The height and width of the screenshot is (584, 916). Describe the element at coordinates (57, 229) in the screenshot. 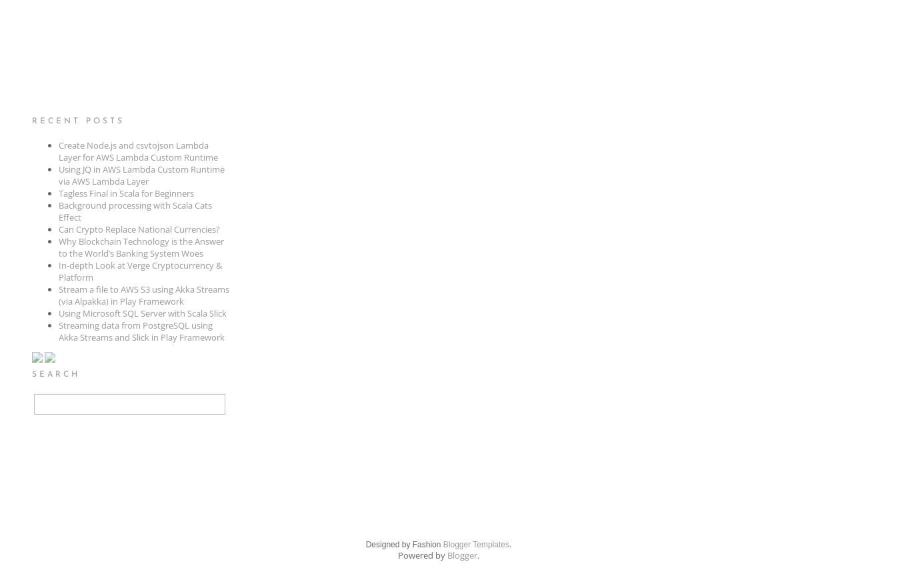

I see `'Can Crypto Replace National Currencies?'` at that location.